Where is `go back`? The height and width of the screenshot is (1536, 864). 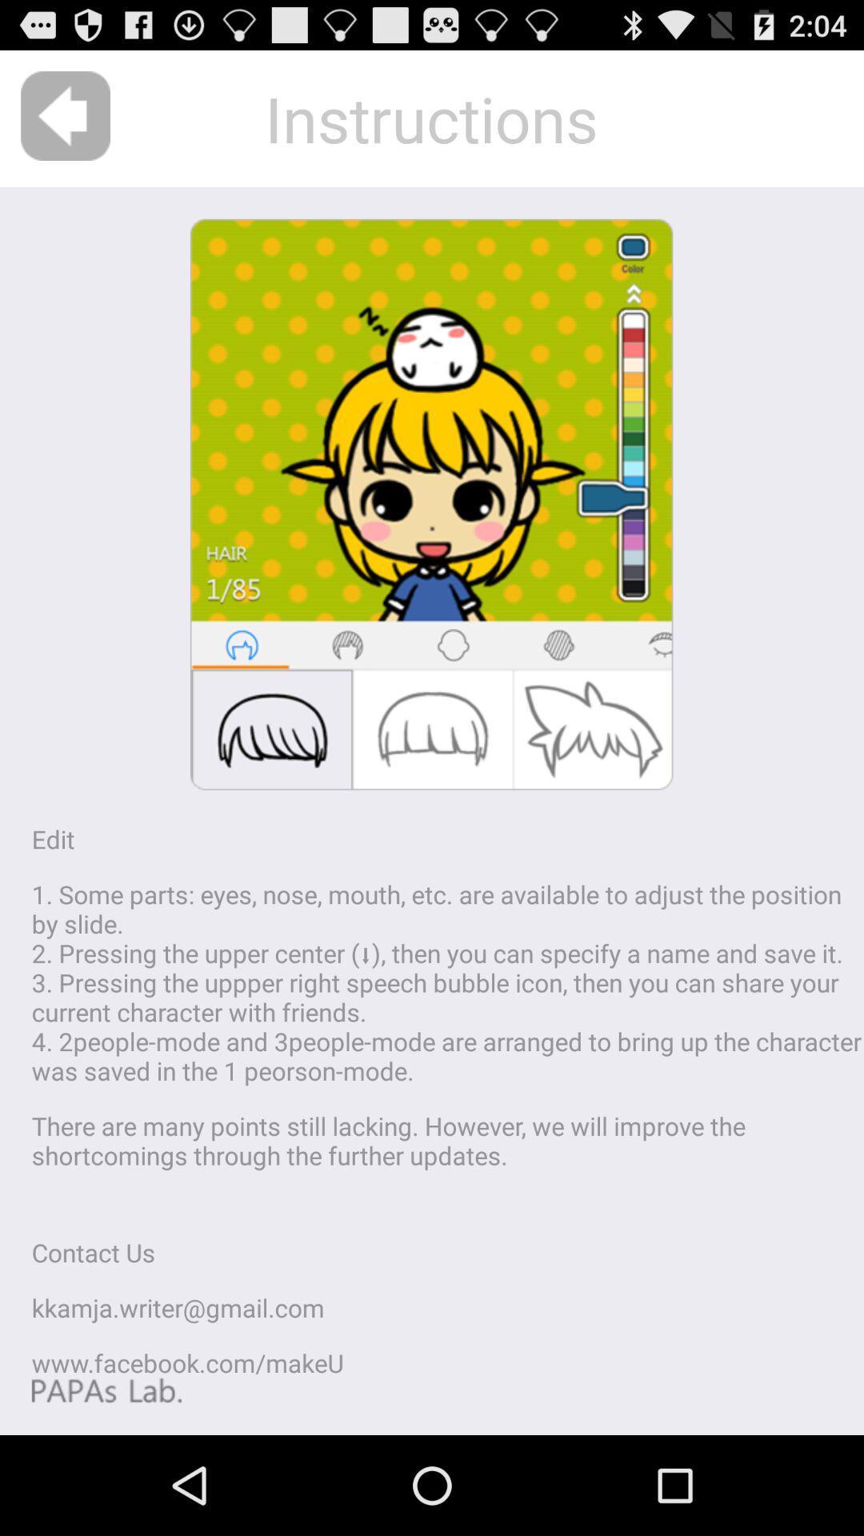
go back is located at coordinates (65, 115).